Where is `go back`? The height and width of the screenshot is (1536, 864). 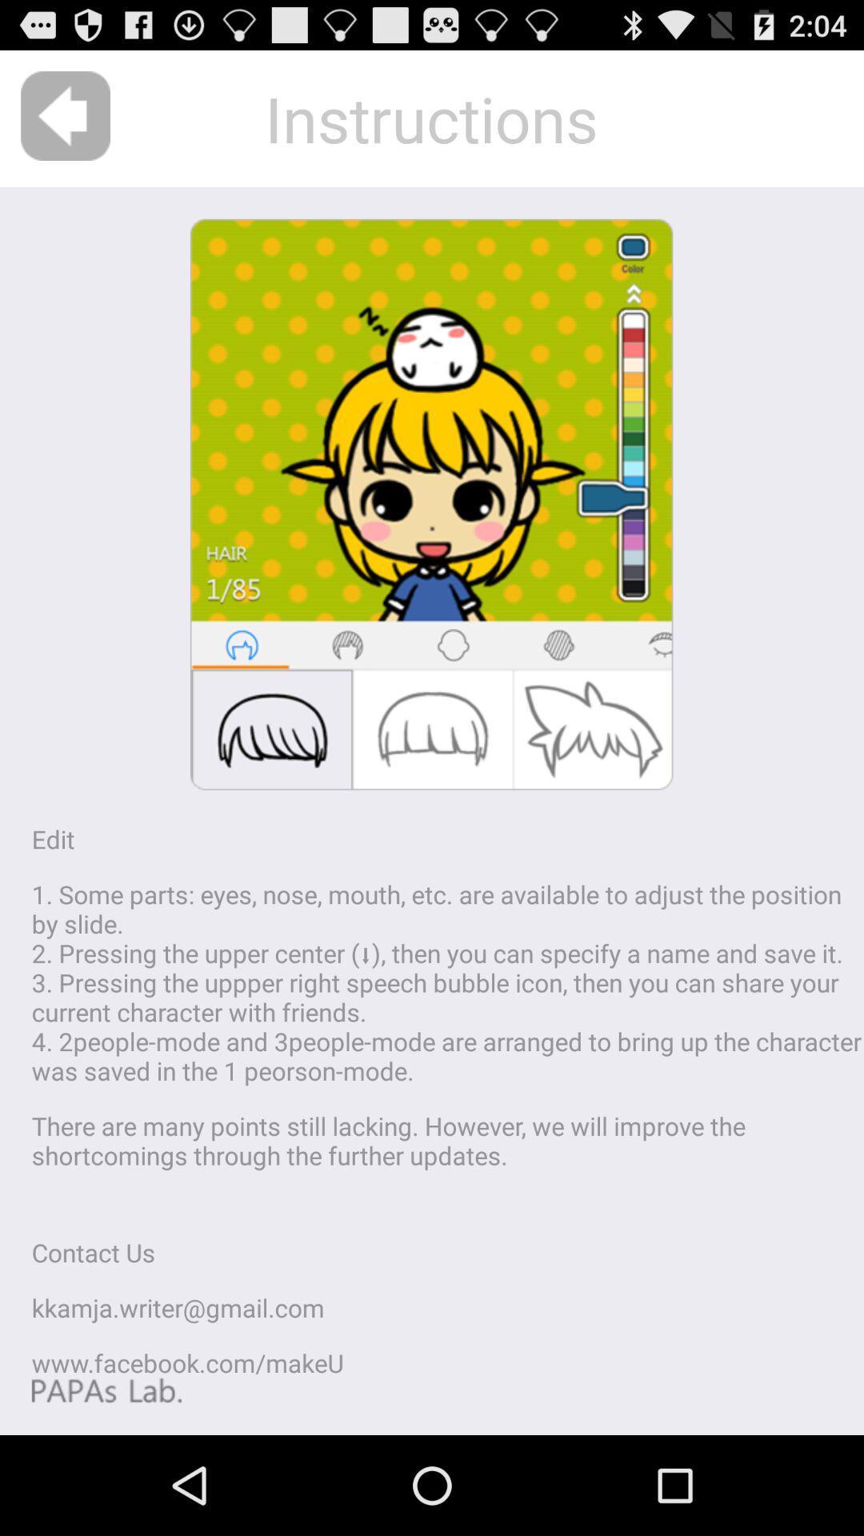
go back is located at coordinates (65, 115).